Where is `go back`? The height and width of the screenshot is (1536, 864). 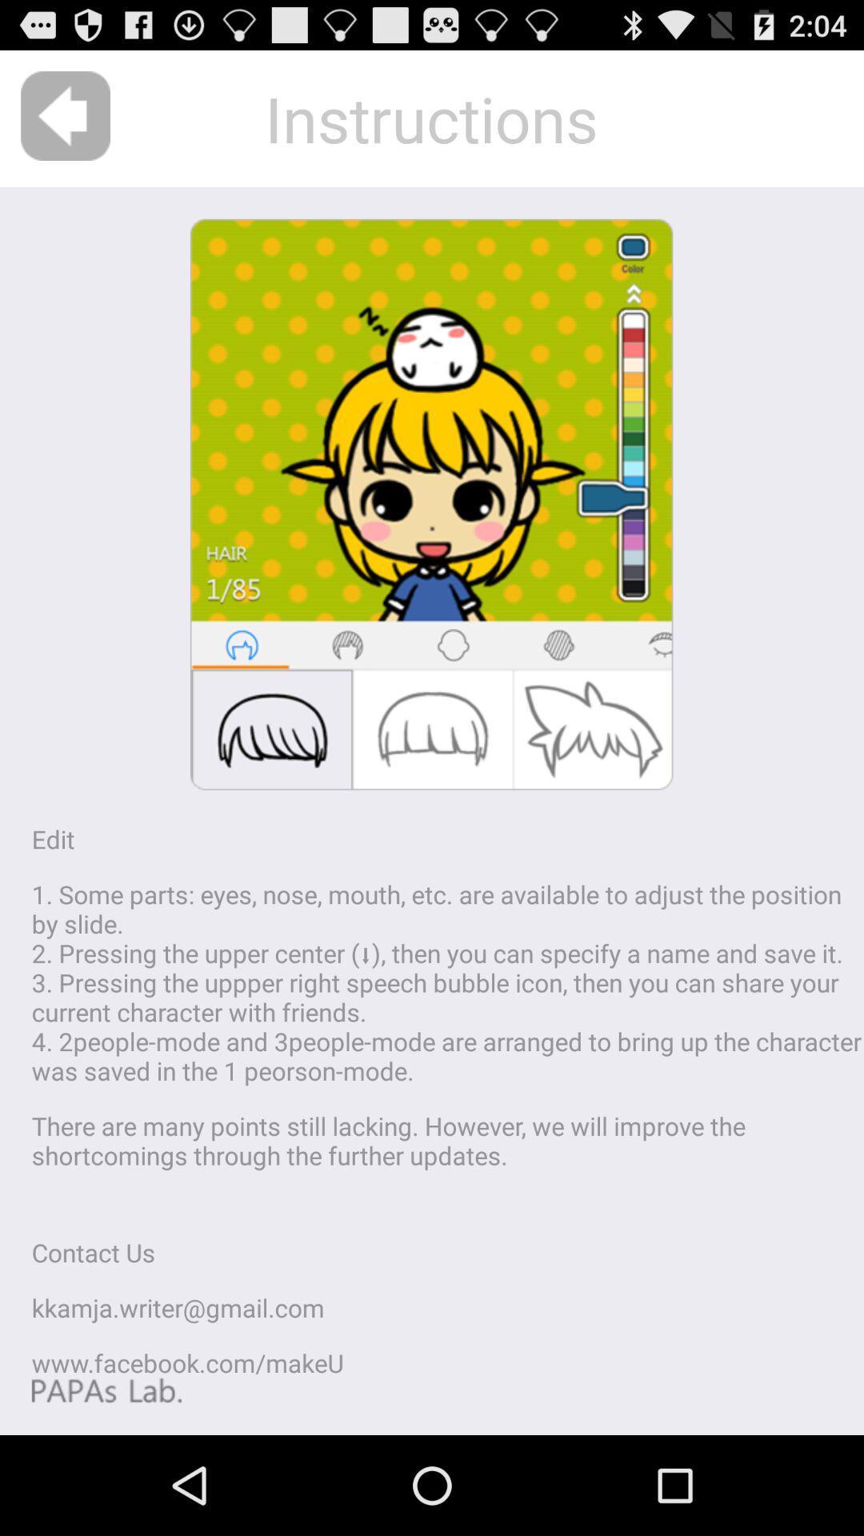
go back is located at coordinates (65, 115).